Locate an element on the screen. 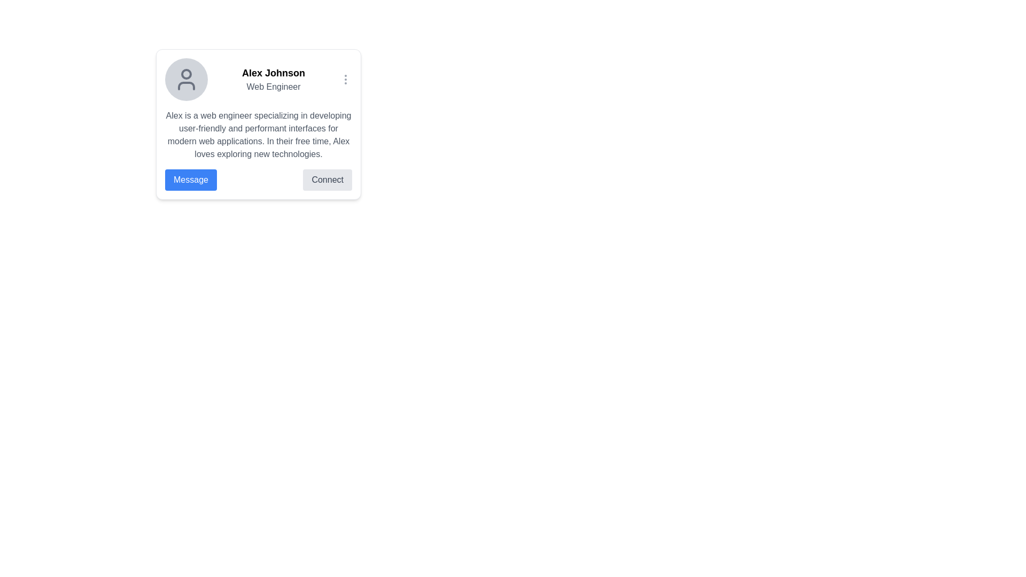  the user's head representation within the avatar icon is located at coordinates (186, 73).